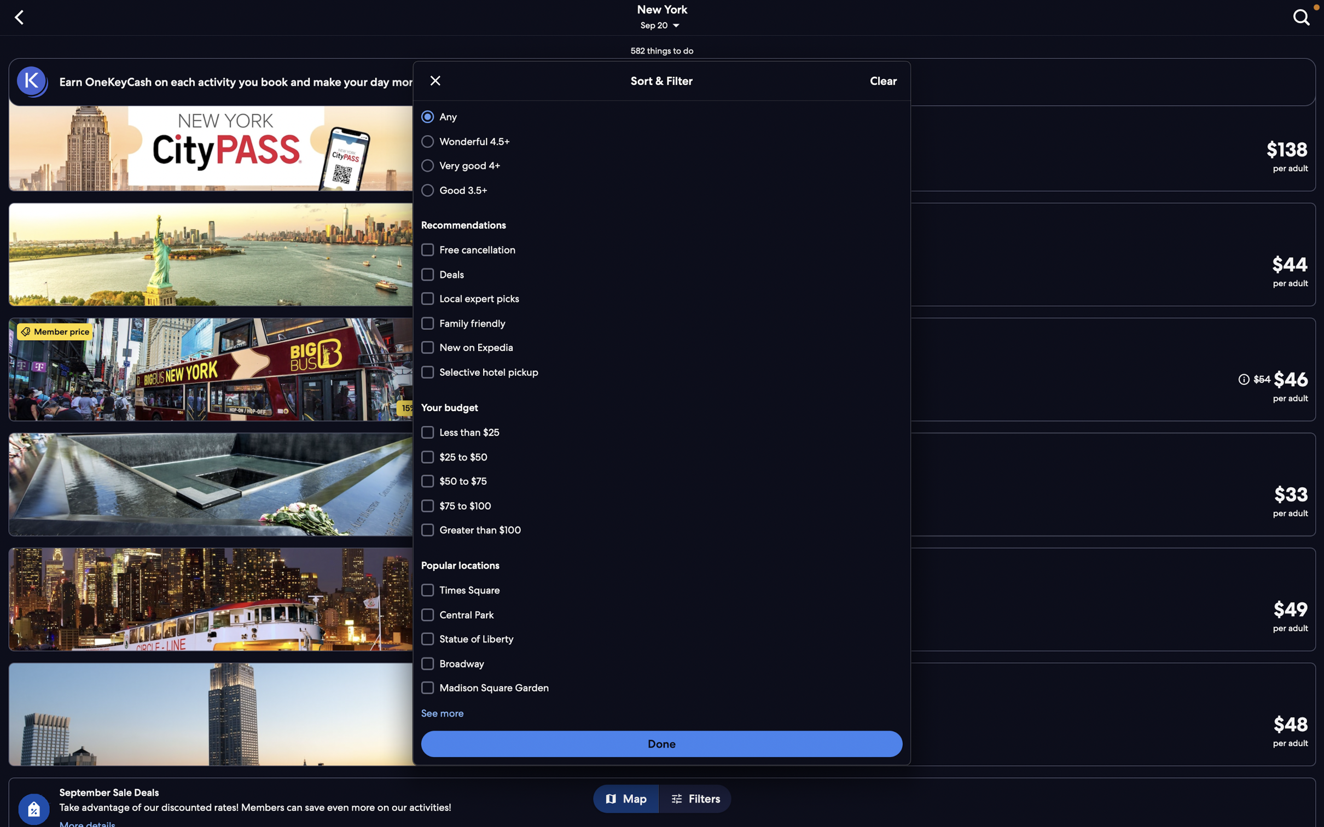 This screenshot has height=827, width=1324. I want to click on Tap on the button to arrange and choose as per your preference, so click(662, 743).